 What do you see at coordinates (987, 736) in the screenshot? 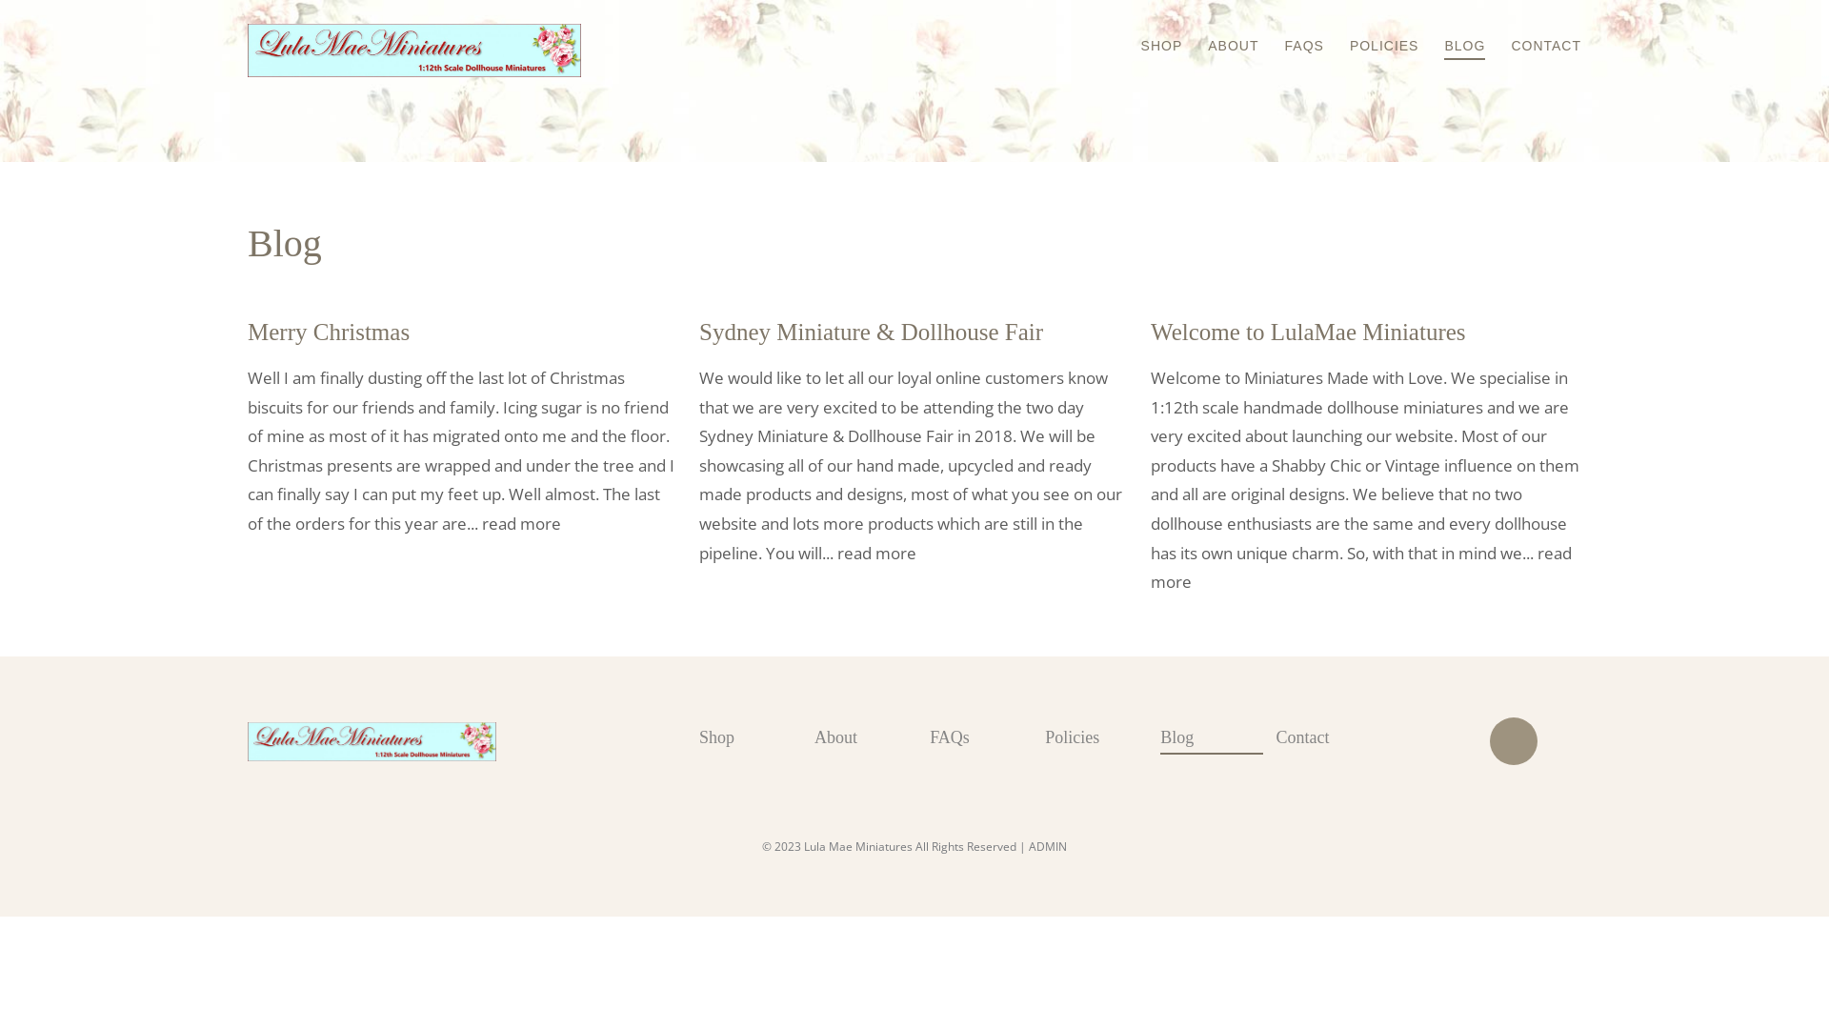
I see `'FAQs'` at bounding box center [987, 736].